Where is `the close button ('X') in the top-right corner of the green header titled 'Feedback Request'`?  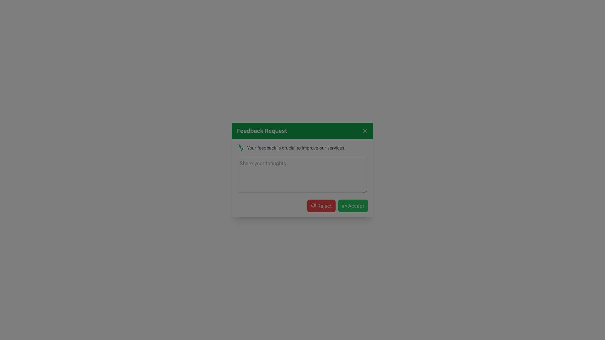 the close button ('X') in the top-right corner of the green header titled 'Feedback Request' is located at coordinates (365, 131).